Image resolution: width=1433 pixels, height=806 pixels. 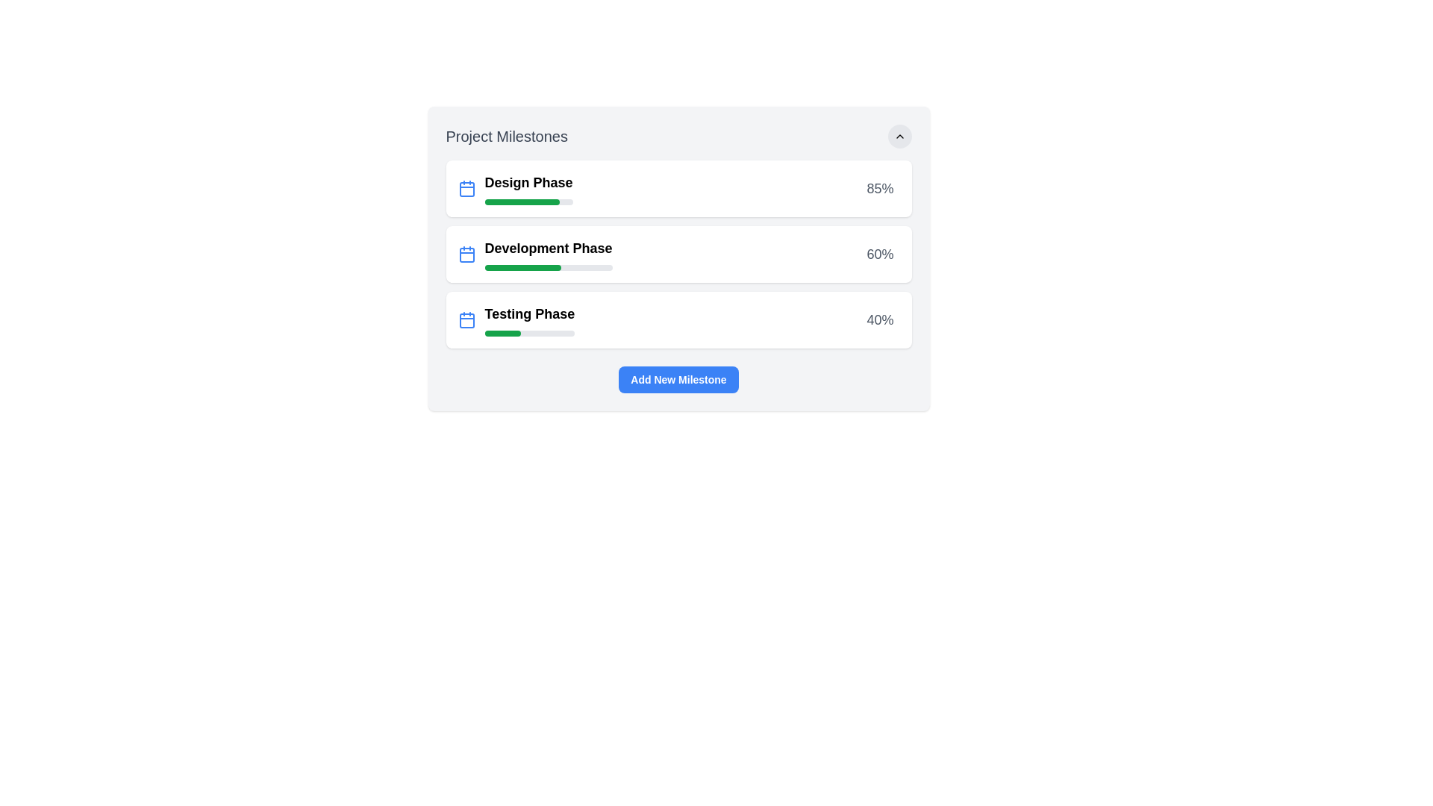 What do you see at coordinates (678, 319) in the screenshot?
I see `the progress bar of the 'Testing Phase' information card, which indicates 40% completion and is the third card in the 'Project Milestones' section` at bounding box center [678, 319].